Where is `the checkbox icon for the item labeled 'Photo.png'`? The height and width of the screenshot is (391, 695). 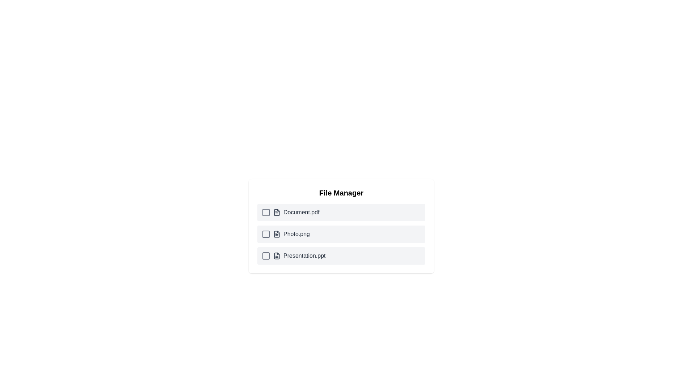 the checkbox icon for the item labeled 'Photo.png' is located at coordinates (265, 234).